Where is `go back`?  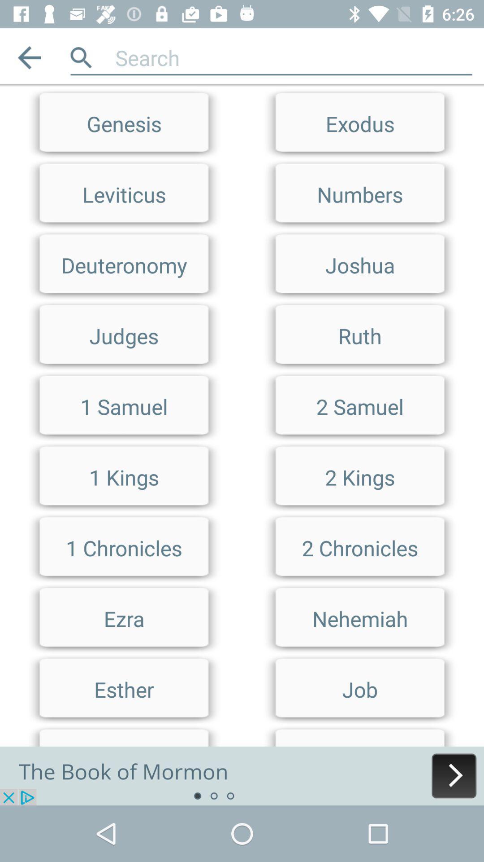
go back is located at coordinates (29, 57).